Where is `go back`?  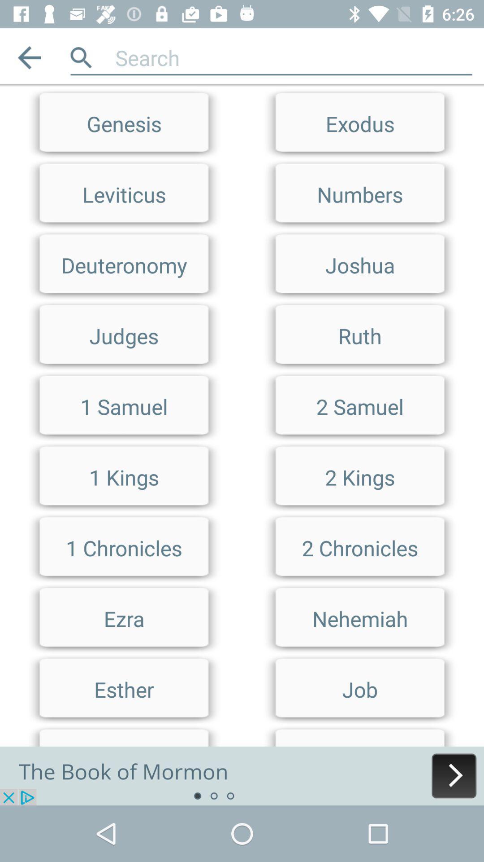
go back is located at coordinates (29, 57).